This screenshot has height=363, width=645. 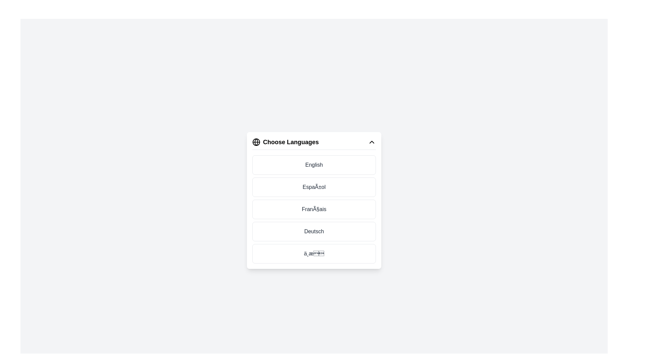 What do you see at coordinates (314, 200) in the screenshot?
I see `the list item or menu option labeled 'FranÃ§ais' in the language selection dropdown menu` at bounding box center [314, 200].